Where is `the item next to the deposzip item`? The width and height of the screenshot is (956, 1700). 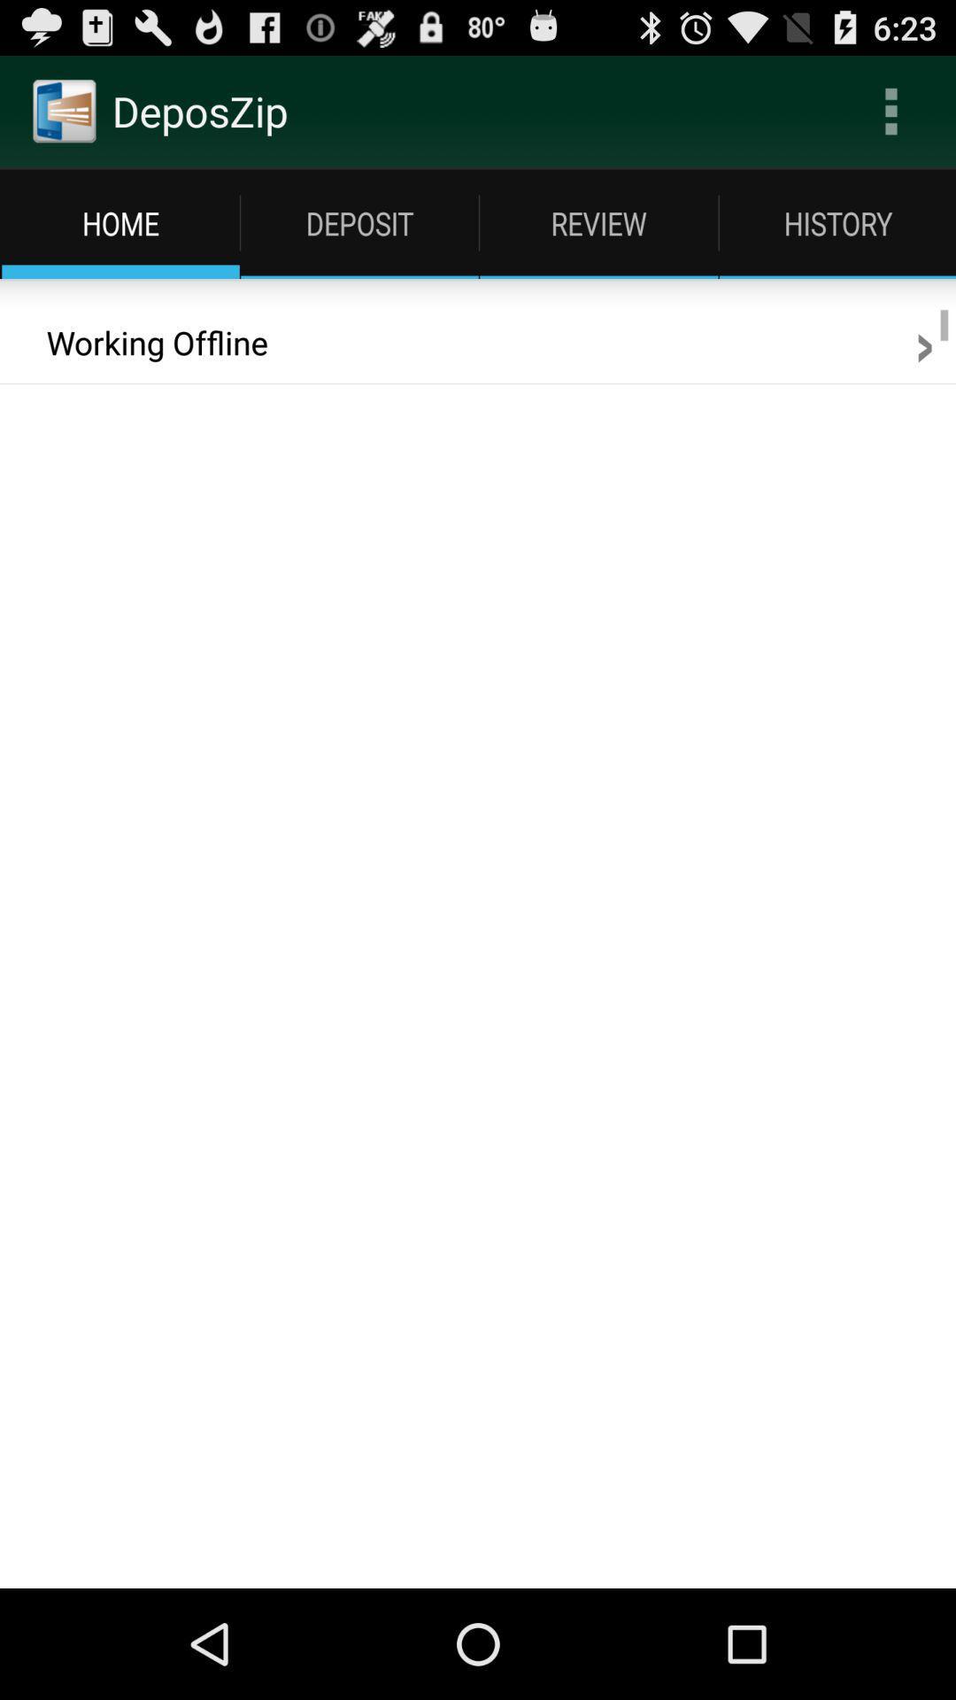
the item next to the deposzip item is located at coordinates (890, 110).